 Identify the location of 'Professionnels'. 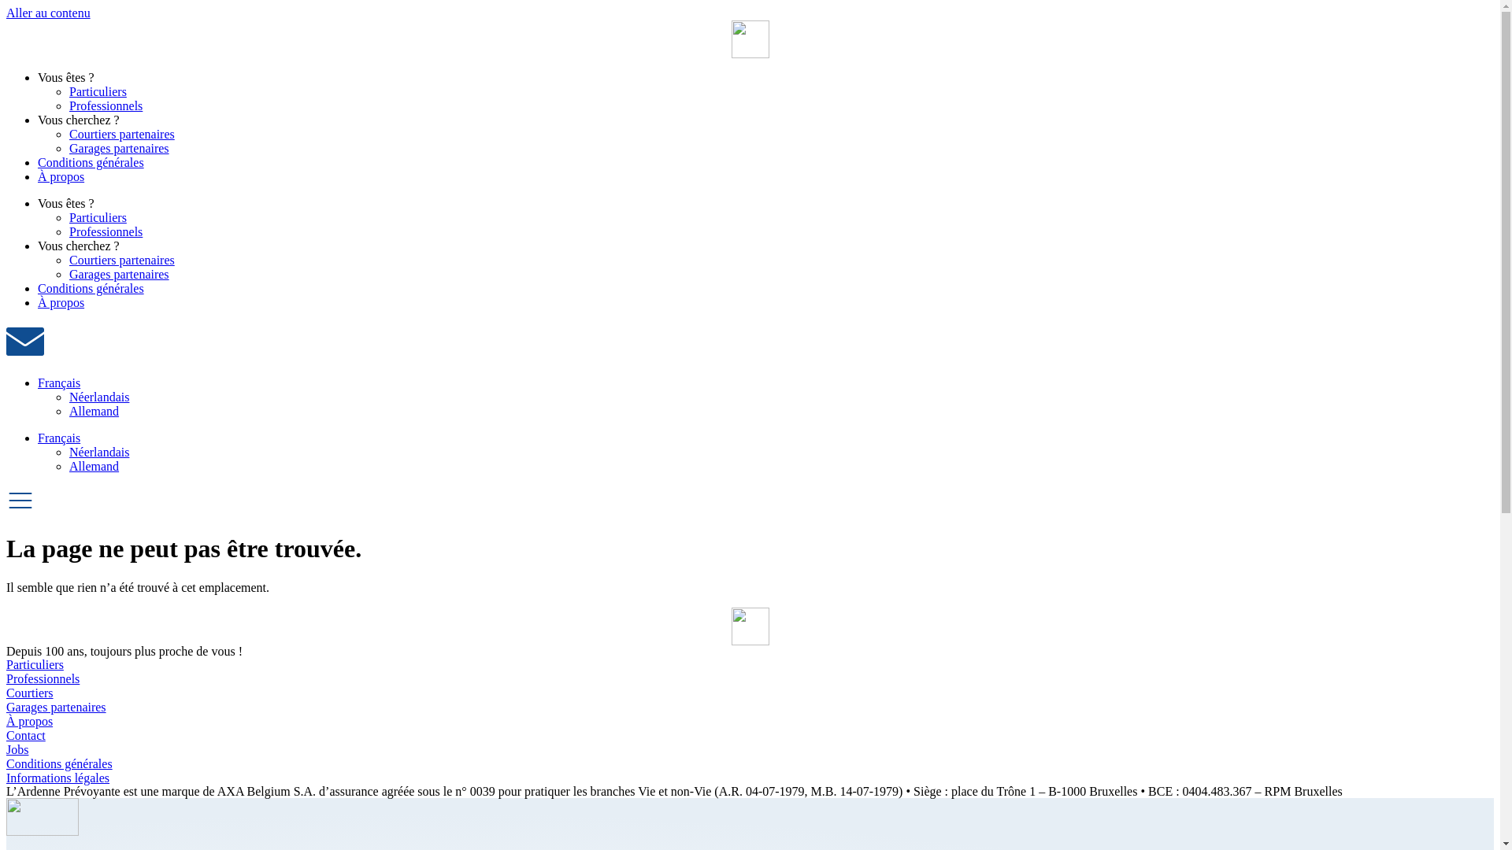
(749, 678).